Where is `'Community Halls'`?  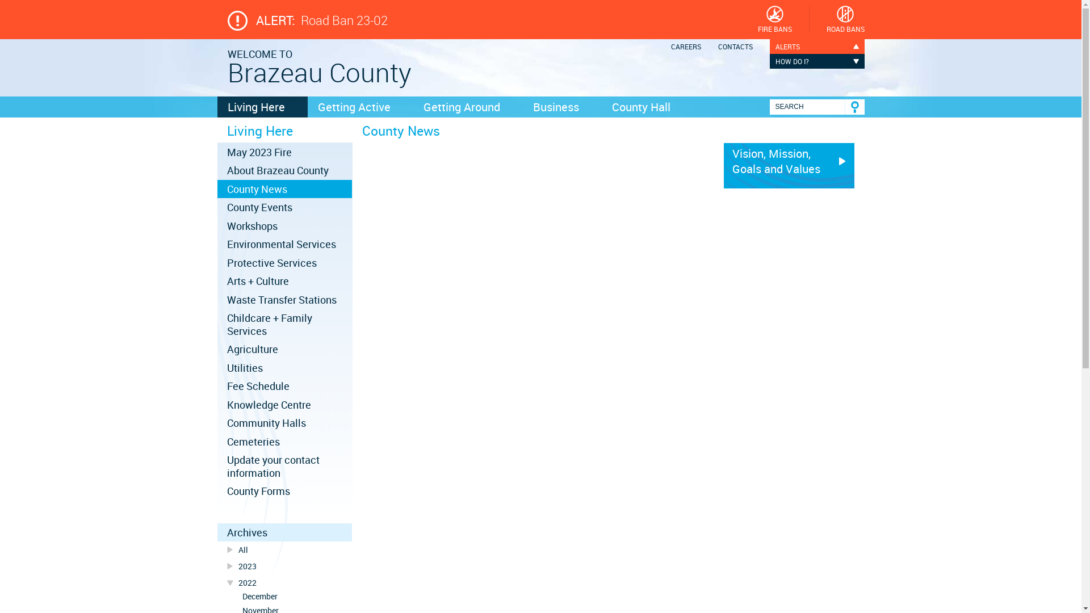 'Community Halls' is located at coordinates (284, 422).